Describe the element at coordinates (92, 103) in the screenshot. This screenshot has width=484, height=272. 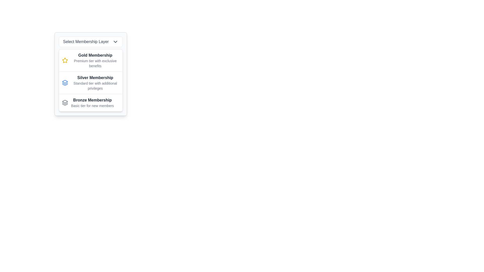
I see `the informational text block displaying the description of the 'Bronze Membership' tier, which is located at the bottom of the membership selection interface` at that location.